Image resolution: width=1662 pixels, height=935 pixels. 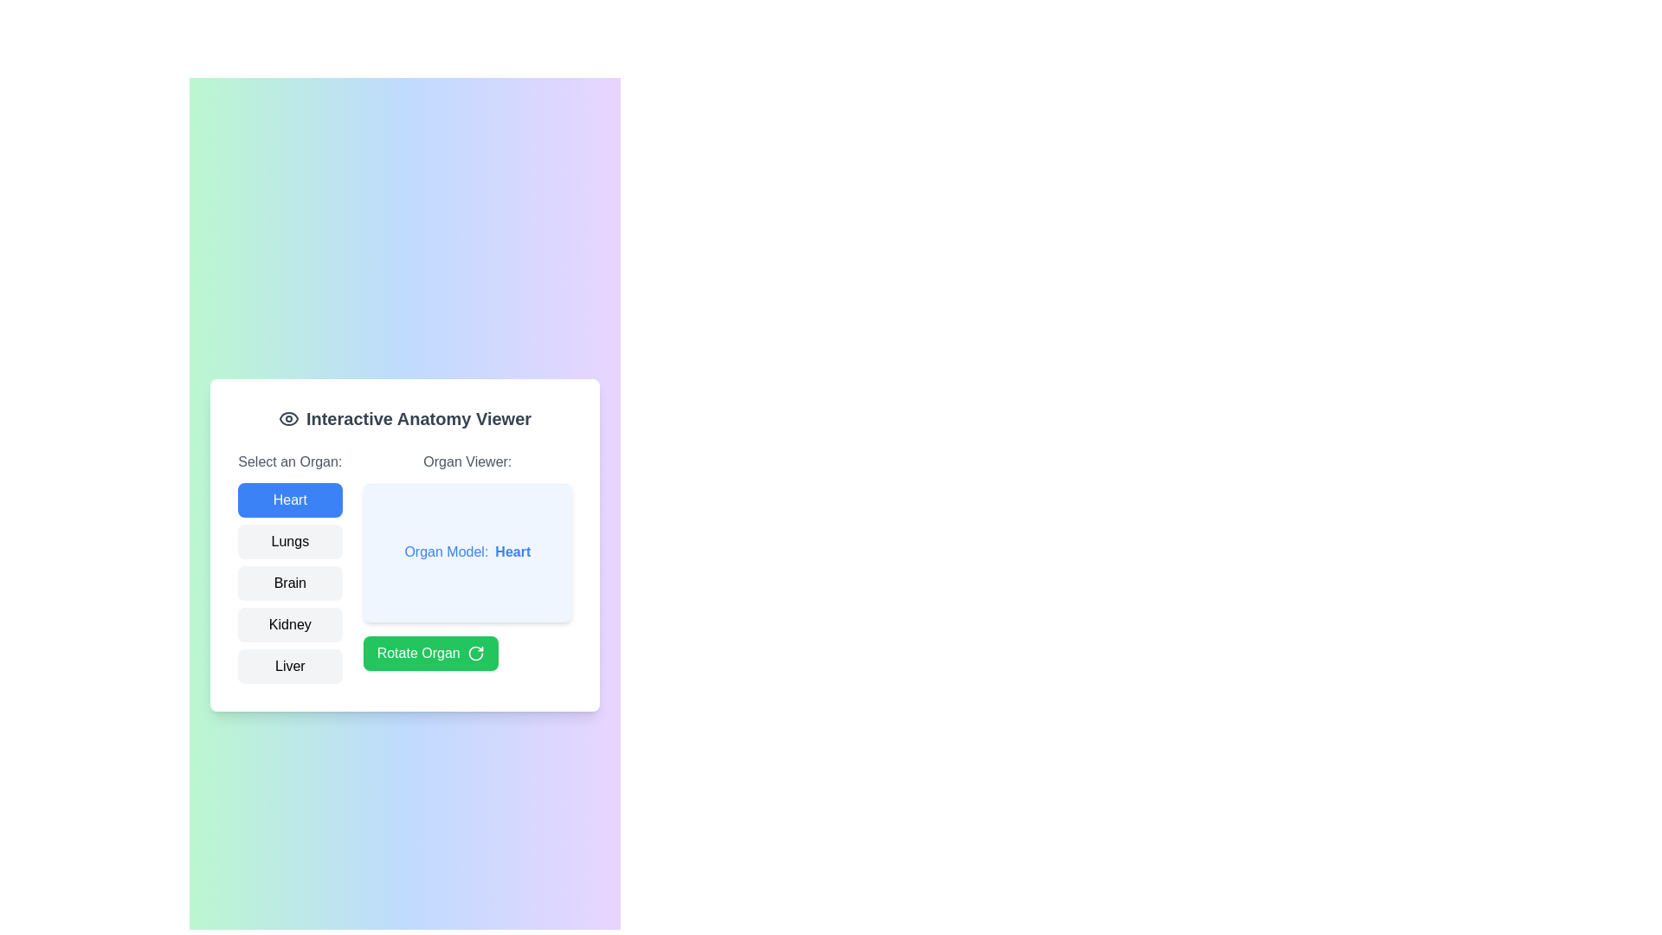 I want to click on text displaying the selected organ's name, 'Heart', which is located to the right of the label 'Organ Model:' in the anatomical viewer interface, so click(x=512, y=552).